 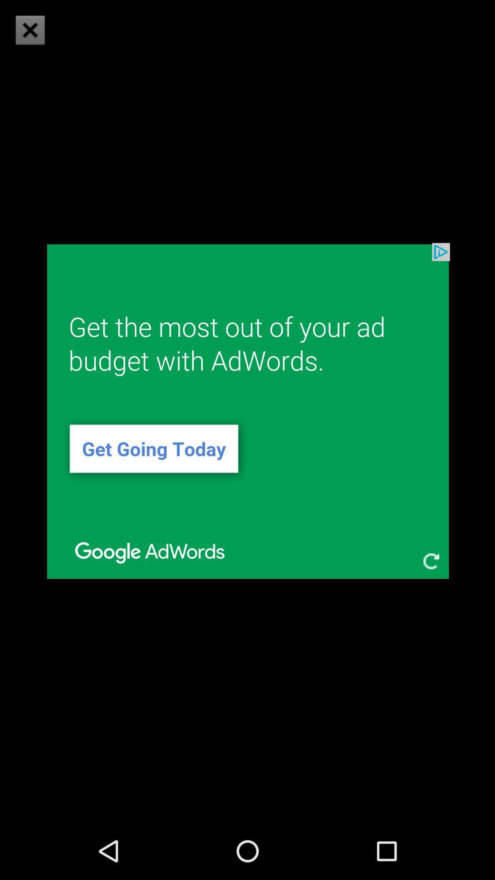 What do you see at coordinates (247, 411) in the screenshot?
I see `the item at the center` at bounding box center [247, 411].